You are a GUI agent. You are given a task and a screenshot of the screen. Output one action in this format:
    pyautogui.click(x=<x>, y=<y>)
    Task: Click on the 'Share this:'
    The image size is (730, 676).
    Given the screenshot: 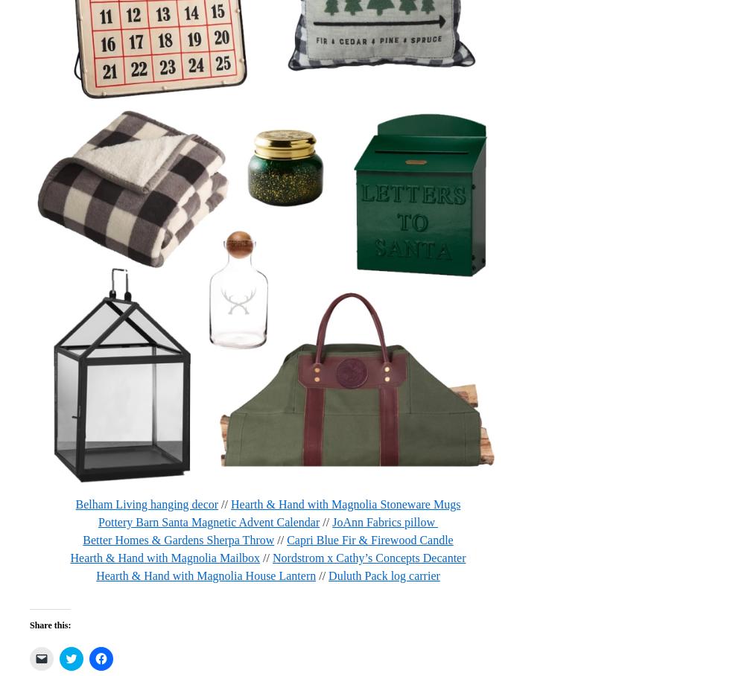 What is the action you would take?
    pyautogui.click(x=29, y=623)
    